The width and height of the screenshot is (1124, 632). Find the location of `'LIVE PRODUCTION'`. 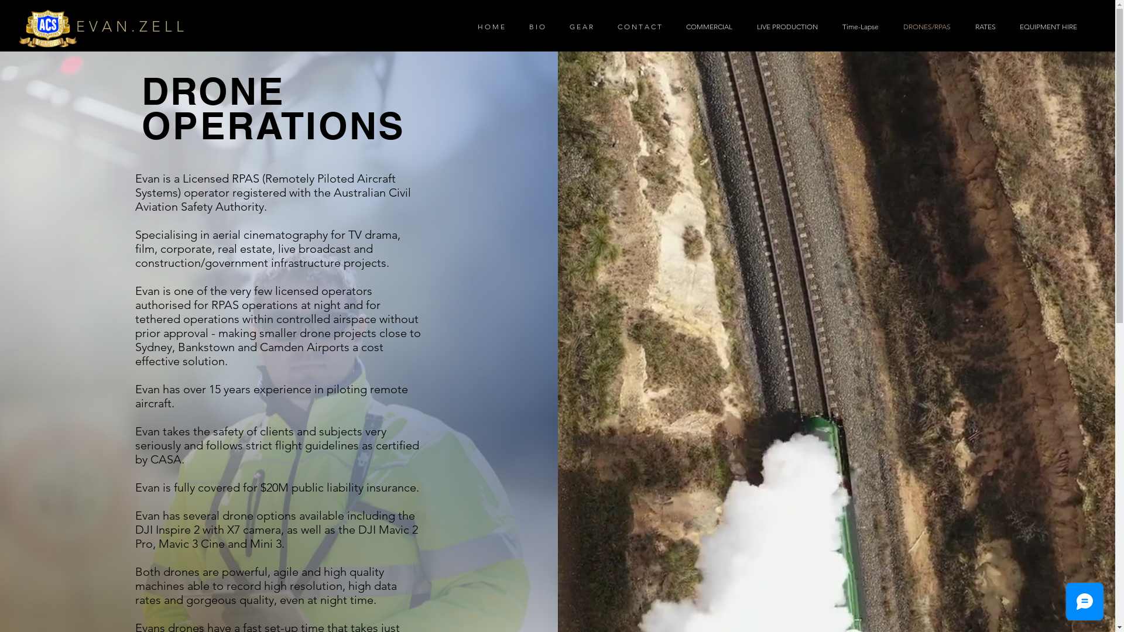

'LIVE PRODUCTION' is located at coordinates (784, 26).